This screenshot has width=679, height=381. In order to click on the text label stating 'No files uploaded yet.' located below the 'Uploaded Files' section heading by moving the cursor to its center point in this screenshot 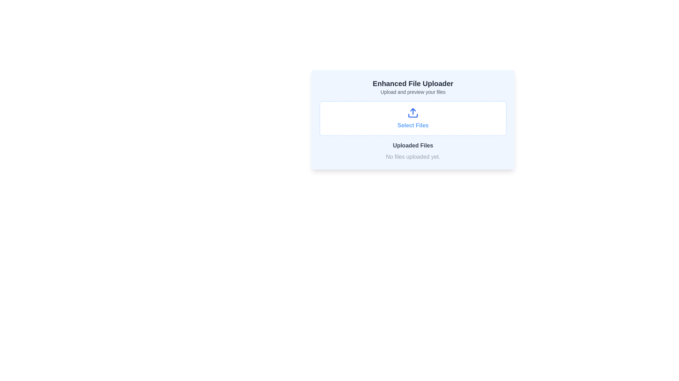, I will do `click(413, 156)`.